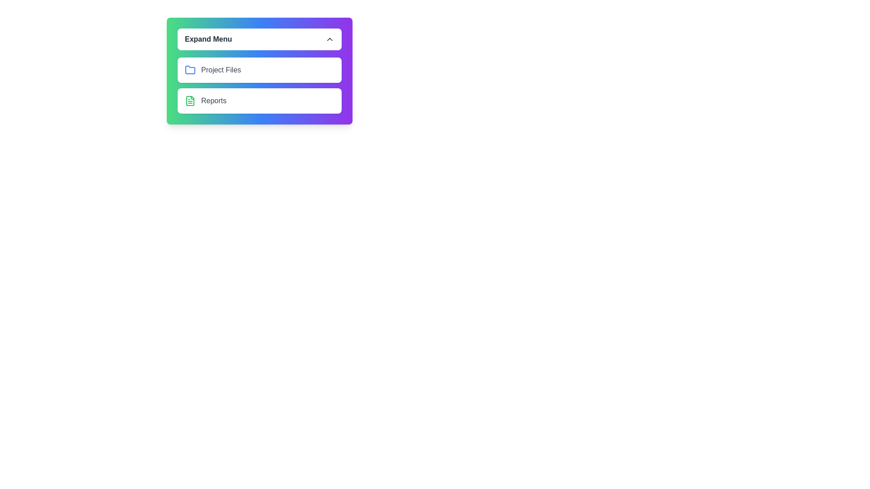 The image size is (870, 489). What do you see at coordinates (190, 101) in the screenshot?
I see `the icon resembling a document or file with a green outline, located in the menu card under the 'Reports' header` at bounding box center [190, 101].